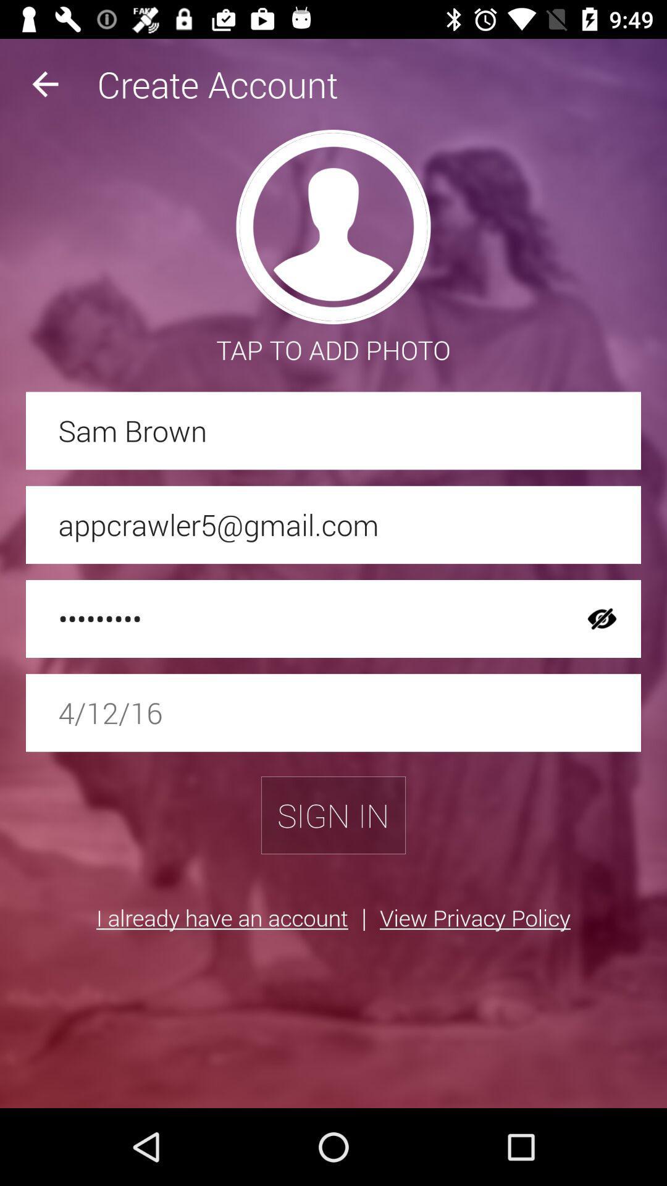  I want to click on the item above the 4/12/16 item, so click(602, 619).